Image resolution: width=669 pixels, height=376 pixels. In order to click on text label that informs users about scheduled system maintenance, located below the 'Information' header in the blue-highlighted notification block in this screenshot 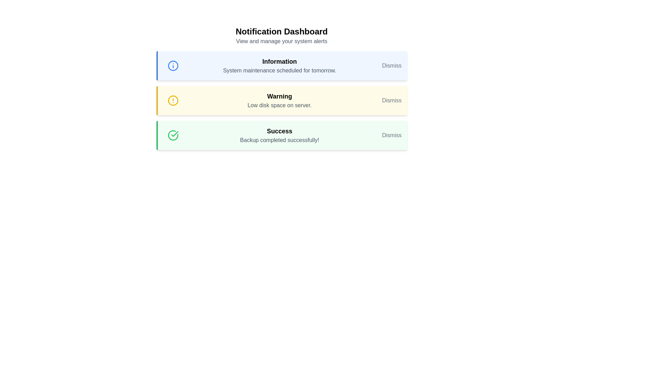, I will do `click(279, 71)`.